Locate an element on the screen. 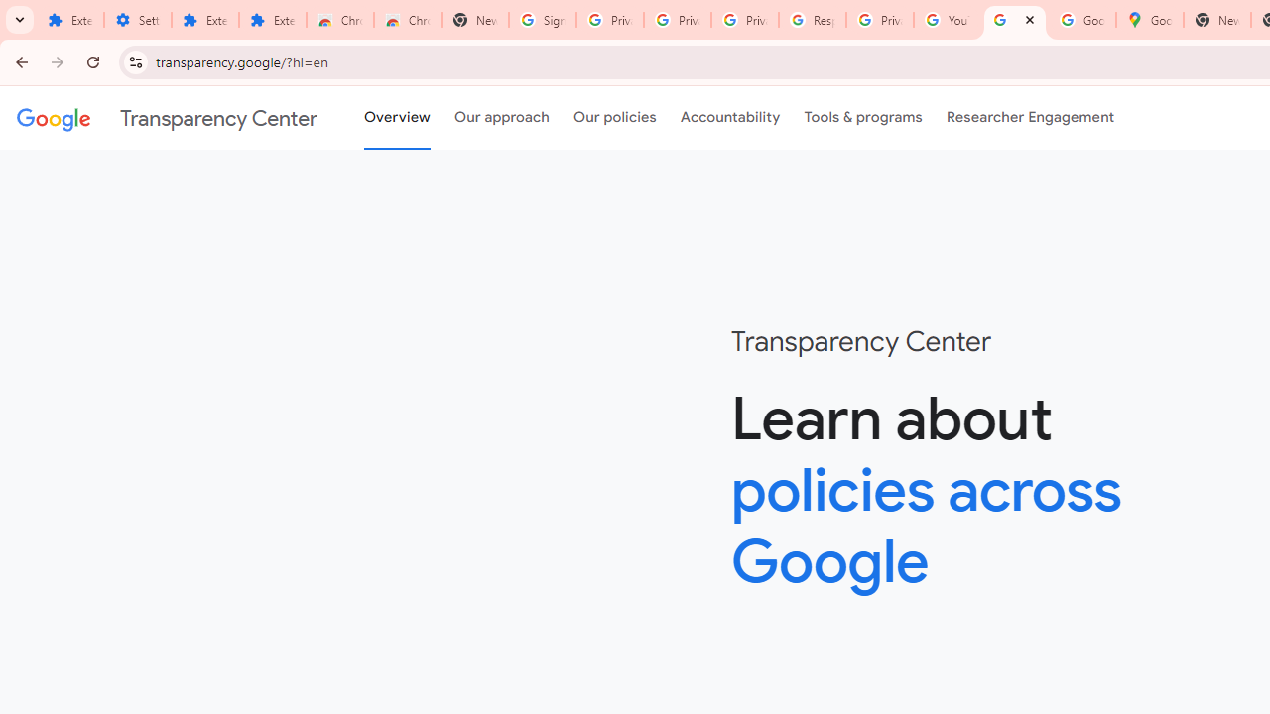 This screenshot has width=1270, height=714. 'Extensions' is located at coordinates (204, 20).